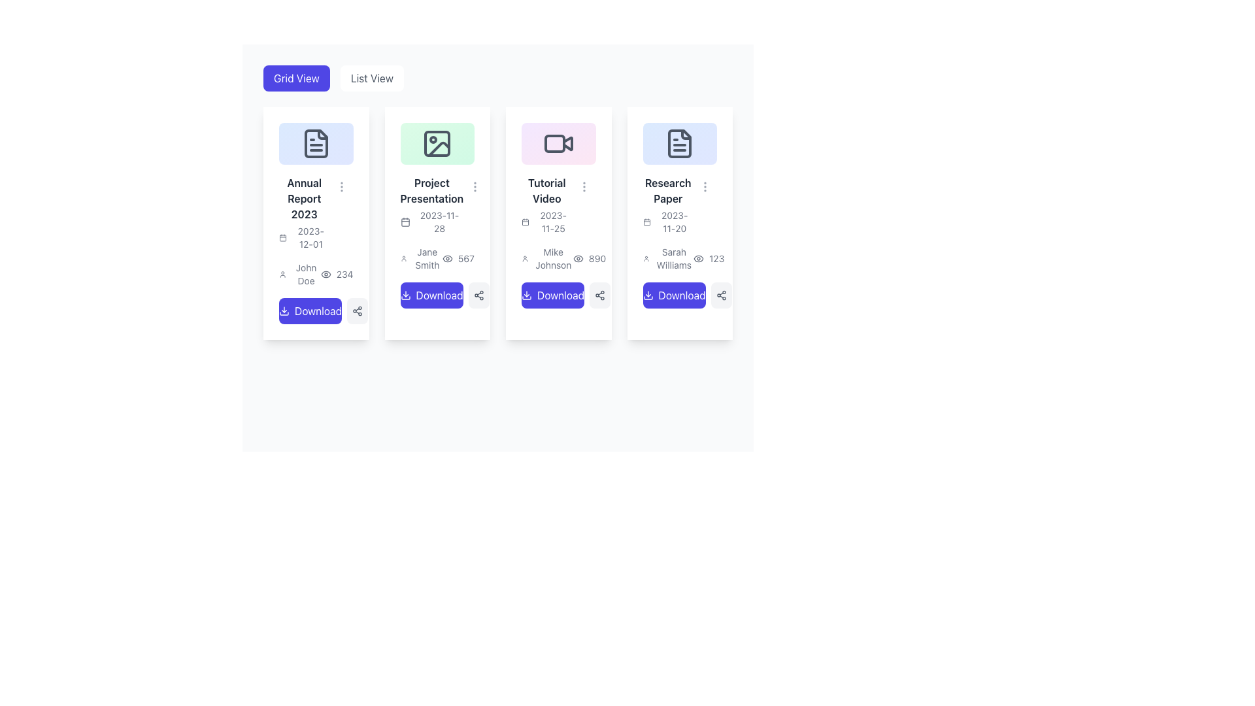  I want to click on the small calendar icon located in the third card from the left, below the title 'Tutorial Video' and above the text '2023-11-25', so click(526, 221).